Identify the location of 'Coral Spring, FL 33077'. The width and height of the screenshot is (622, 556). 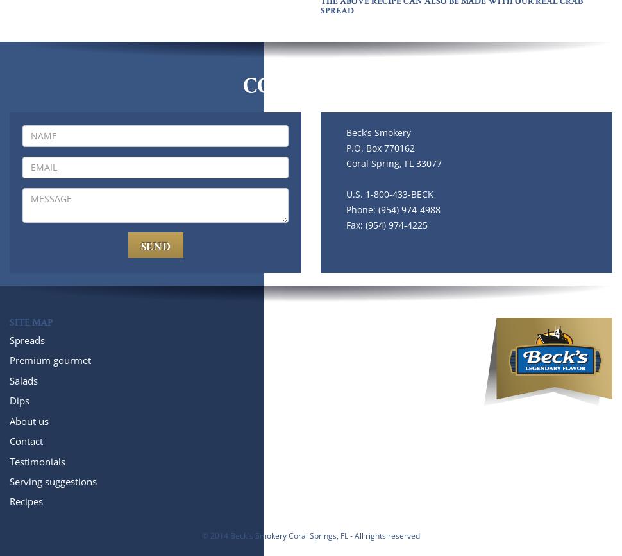
(394, 162).